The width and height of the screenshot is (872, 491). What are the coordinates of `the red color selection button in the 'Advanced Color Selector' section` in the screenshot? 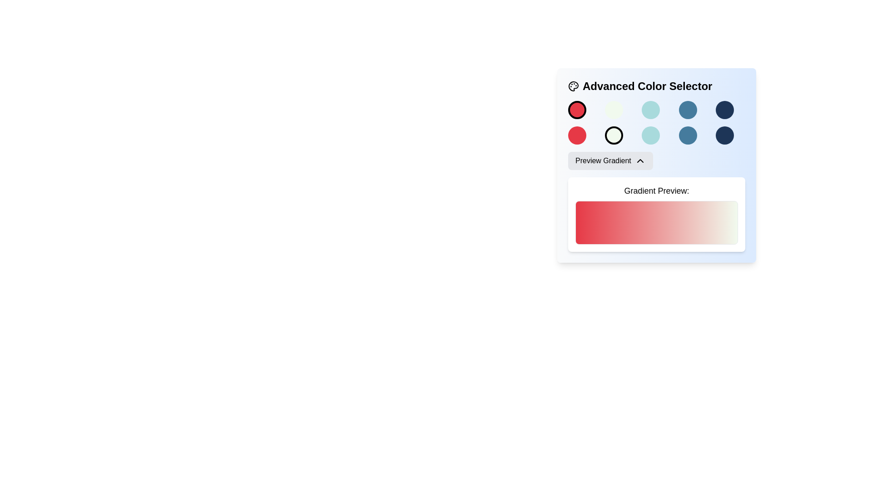 It's located at (577, 110).